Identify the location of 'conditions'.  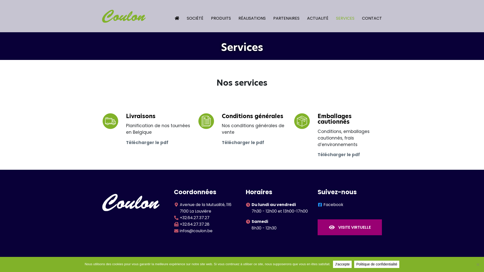
(206, 121).